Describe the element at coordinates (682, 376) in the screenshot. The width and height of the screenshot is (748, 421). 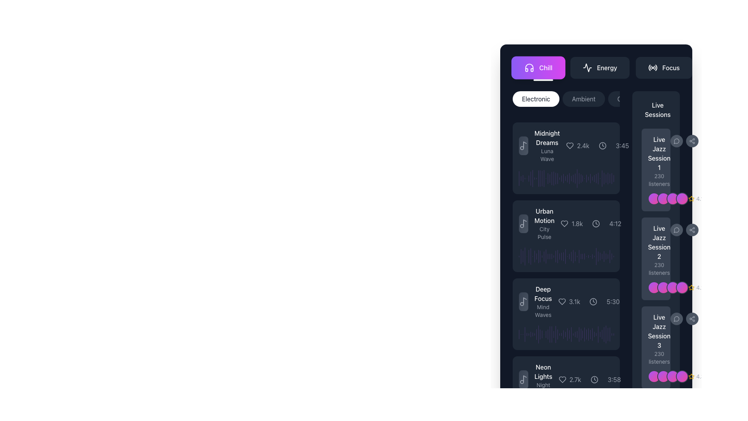
I see `the fourth circular icon with a gradient background transitioning from purple to pink, outlined with a gray border, located at the bottom-right of the 'Live Jazz Session 3' card` at that location.